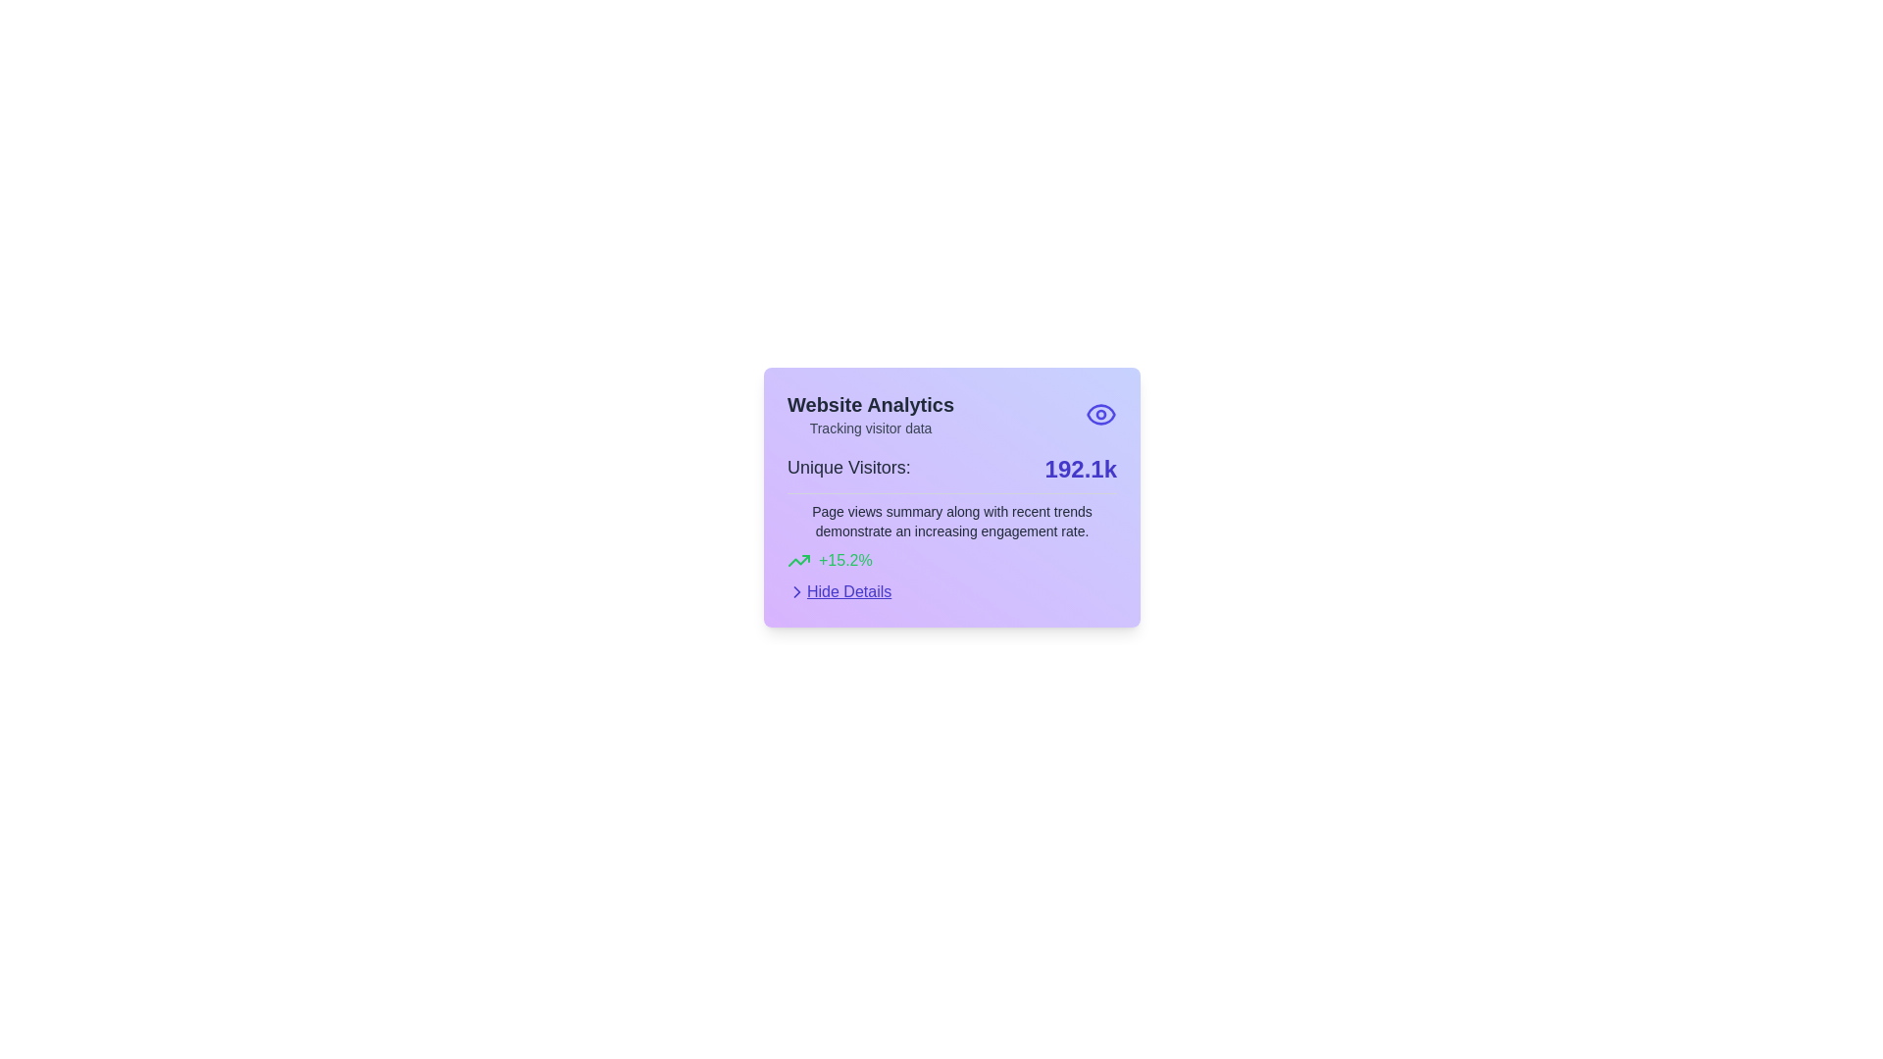 This screenshot has height=1059, width=1883. What do you see at coordinates (845, 560) in the screenshot?
I see `value of the text label showing '+15.2%' in green color, positioned inline next to a leftward trending-up icon within an analytics data card` at bounding box center [845, 560].